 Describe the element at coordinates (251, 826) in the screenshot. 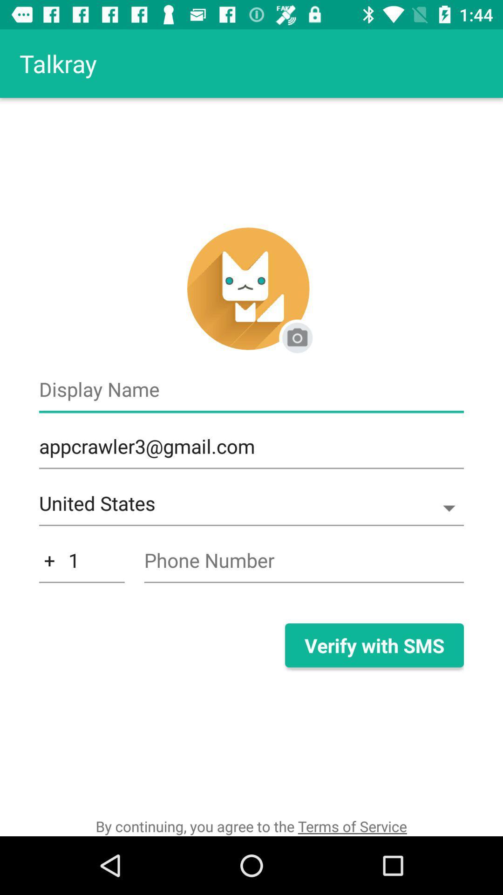

I see `by continuing you icon` at that location.